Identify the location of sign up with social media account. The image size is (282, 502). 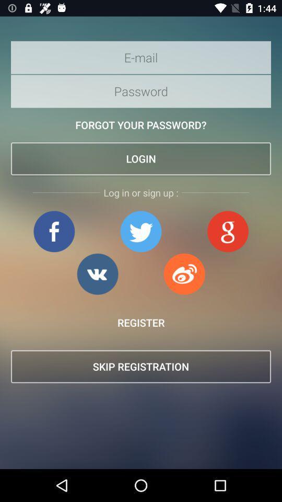
(184, 273).